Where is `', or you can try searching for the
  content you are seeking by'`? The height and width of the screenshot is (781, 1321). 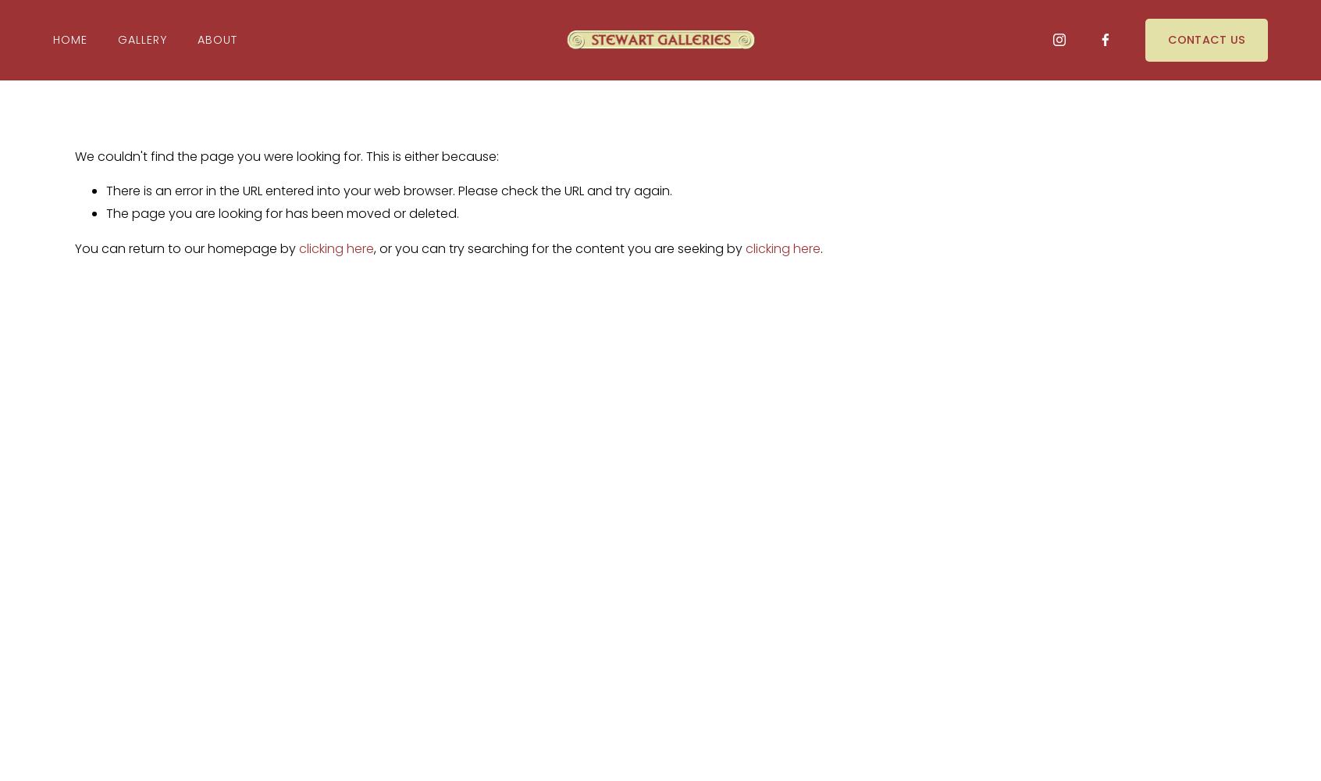
', or you can try searching for the
  content you are seeking by' is located at coordinates (559, 247).